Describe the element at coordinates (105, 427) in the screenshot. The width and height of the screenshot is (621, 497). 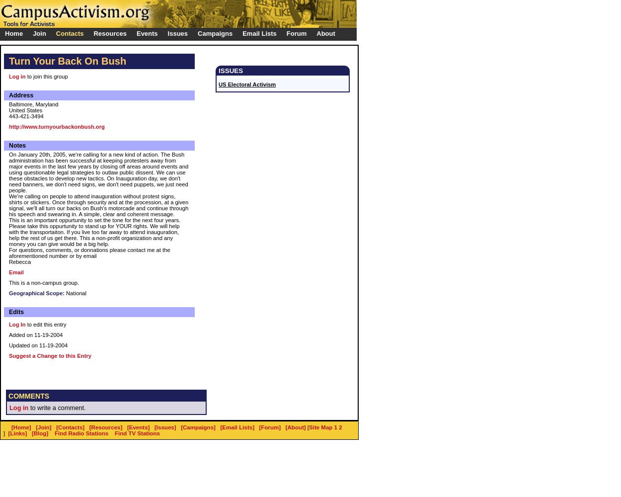
I see `'[Resources]'` at that location.